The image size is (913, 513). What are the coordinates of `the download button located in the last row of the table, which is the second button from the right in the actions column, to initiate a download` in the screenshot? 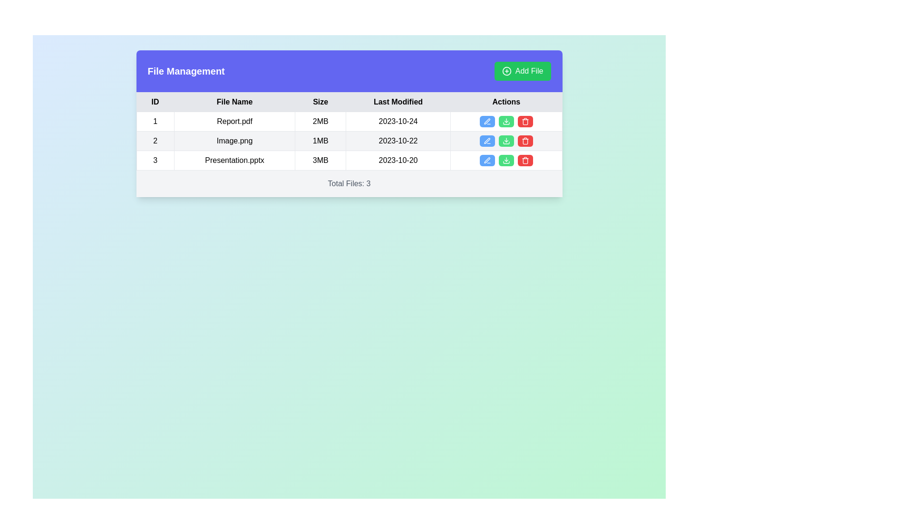 It's located at (505, 160).